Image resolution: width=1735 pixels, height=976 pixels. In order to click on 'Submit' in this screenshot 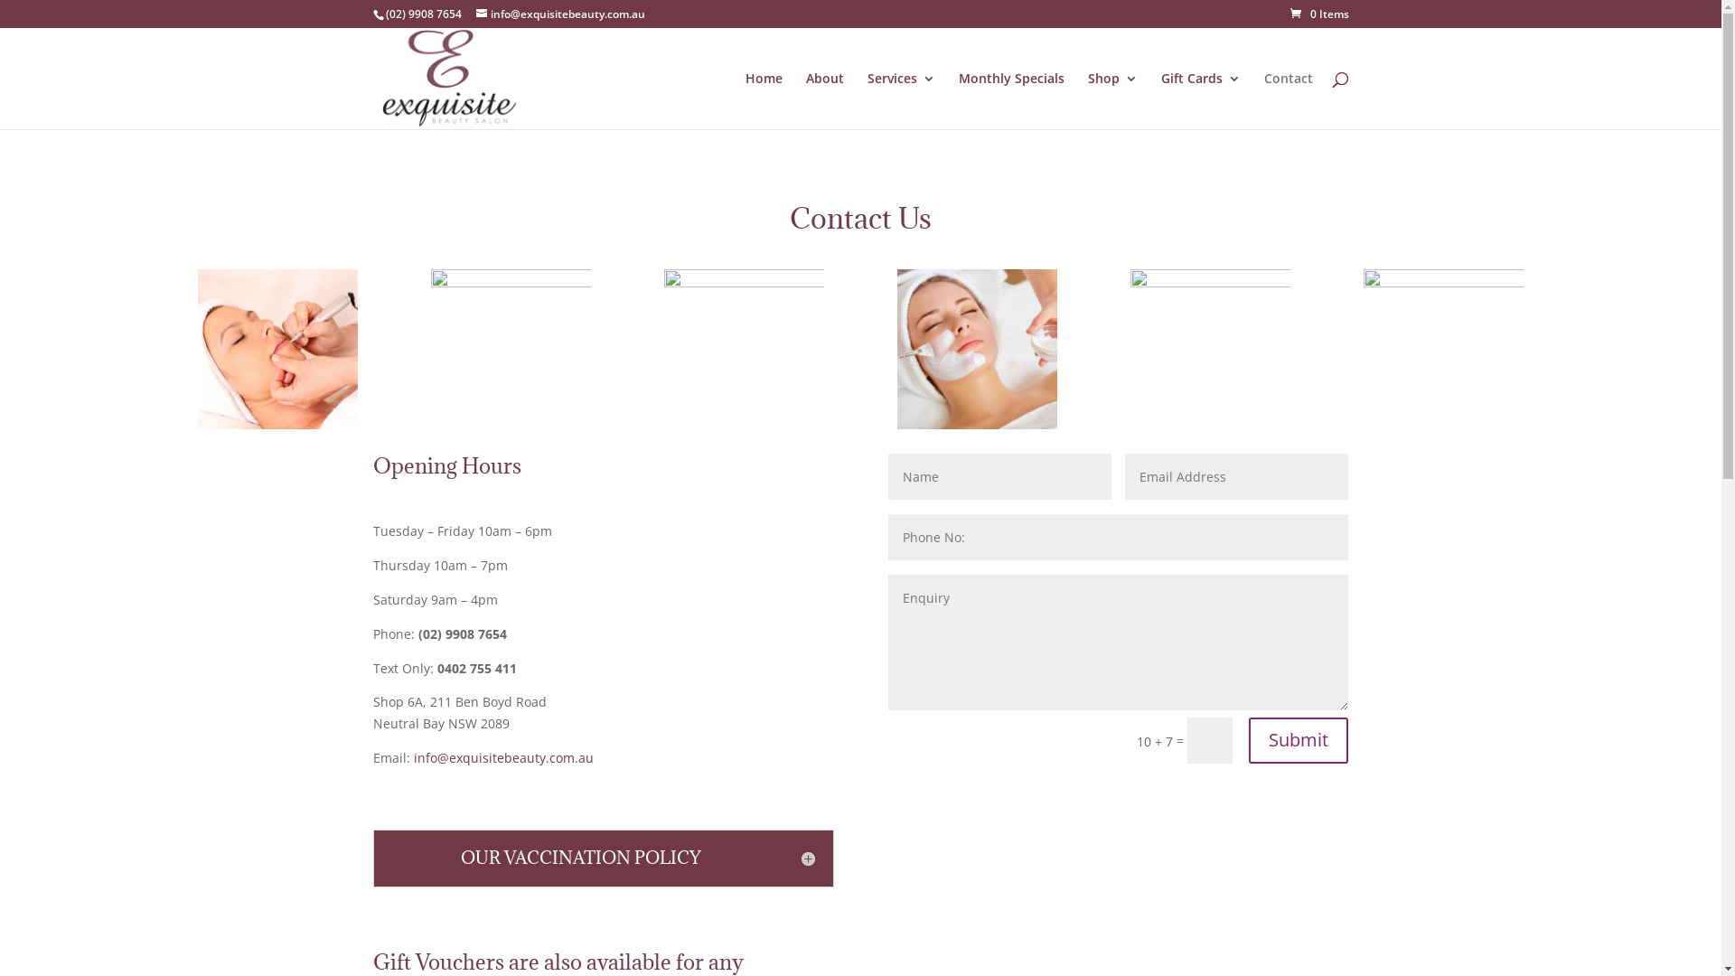, I will do `click(1297, 740)`.